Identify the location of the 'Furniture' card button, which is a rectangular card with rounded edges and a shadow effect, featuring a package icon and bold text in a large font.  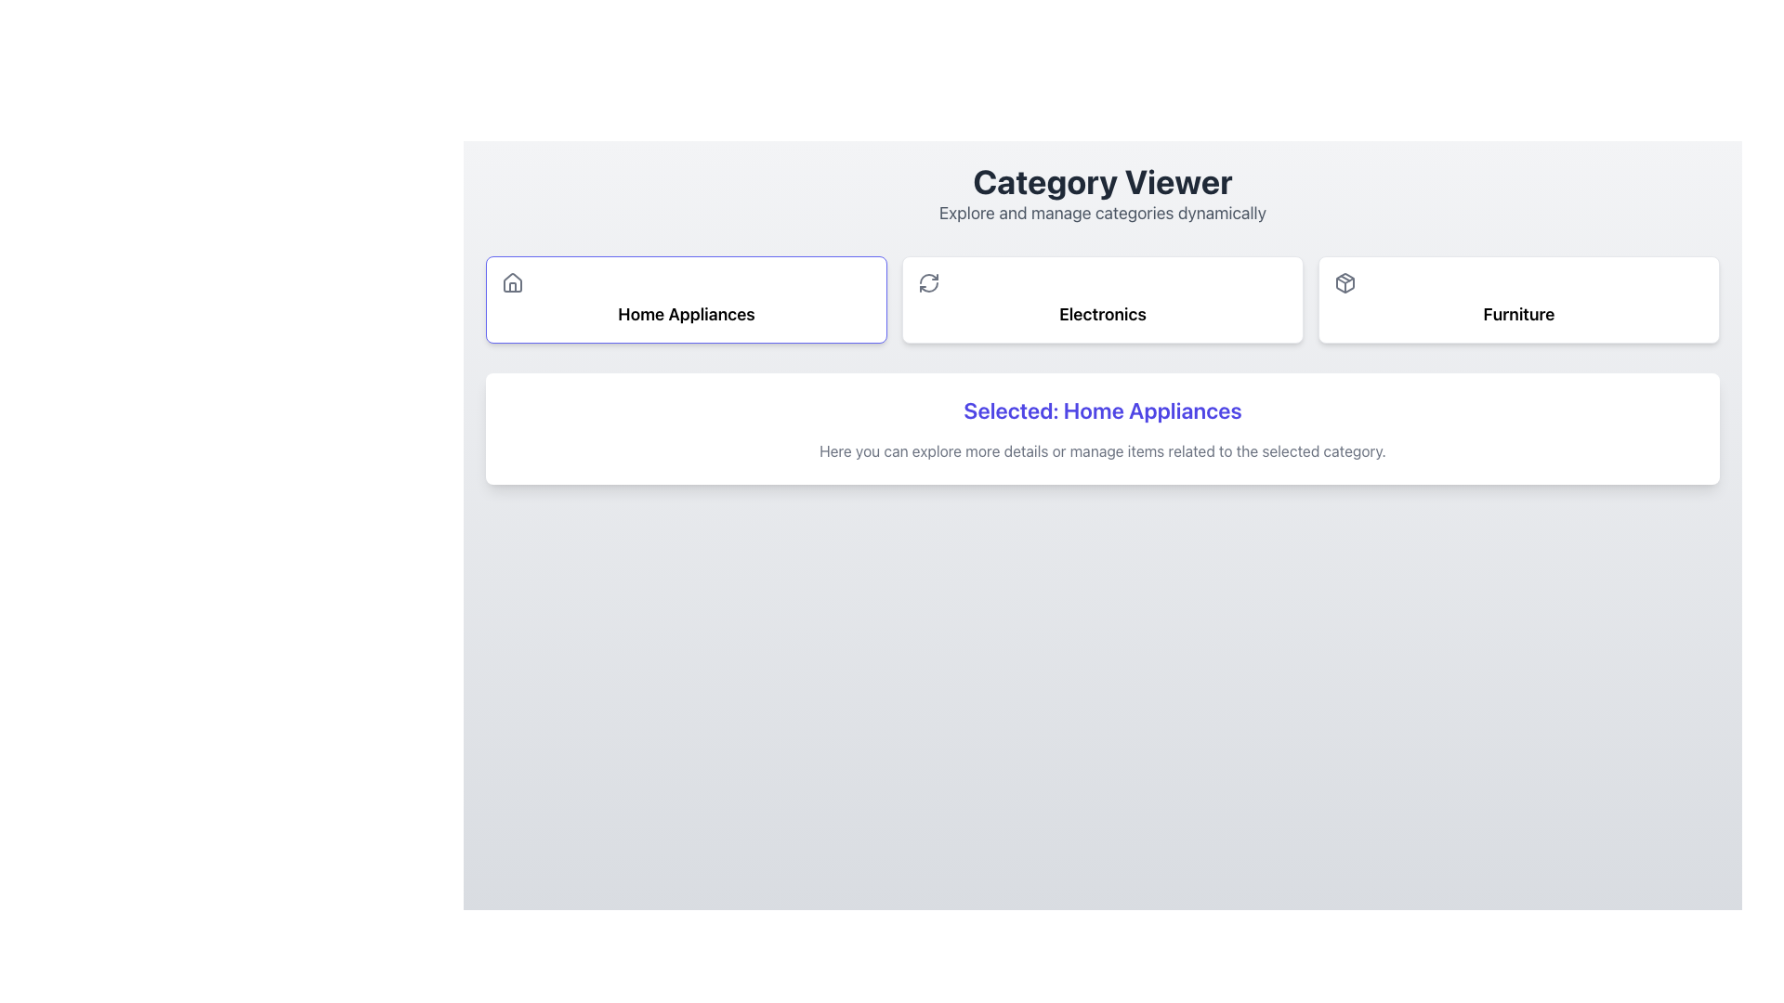
(1519, 299).